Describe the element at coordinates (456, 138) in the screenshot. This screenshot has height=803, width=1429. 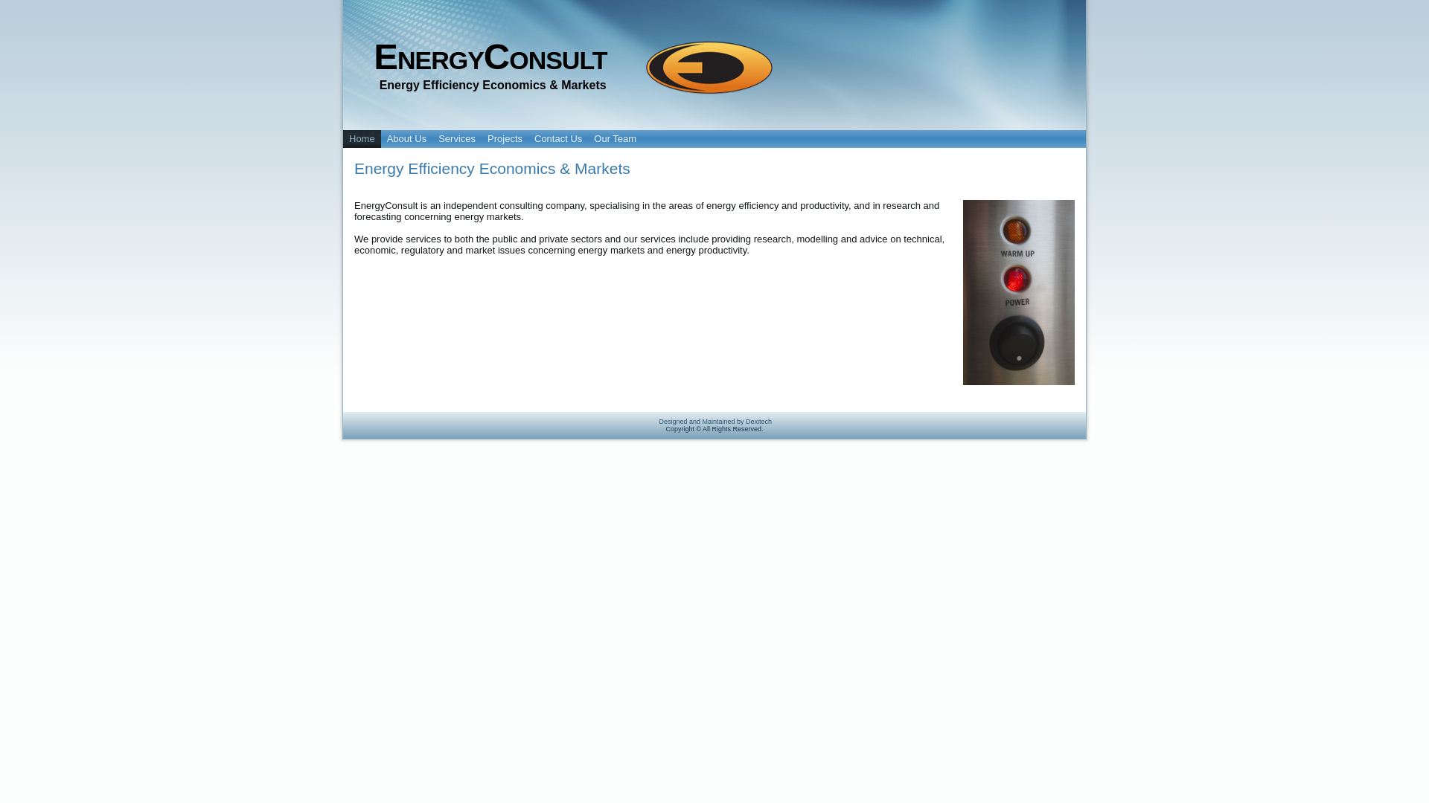
I see `'Services'` at that location.